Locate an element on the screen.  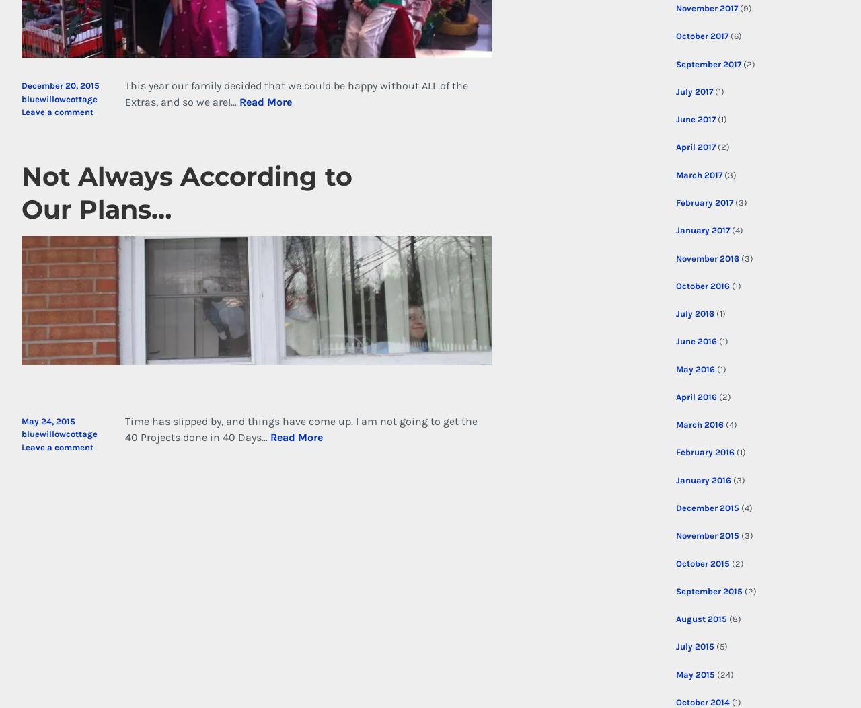
'(5)' is located at coordinates (712, 646).